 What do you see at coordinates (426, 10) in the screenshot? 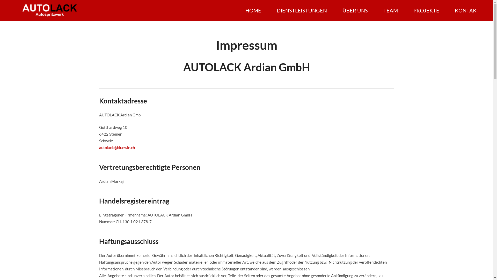
I see `'PROJEKTE'` at bounding box center [426, 10].